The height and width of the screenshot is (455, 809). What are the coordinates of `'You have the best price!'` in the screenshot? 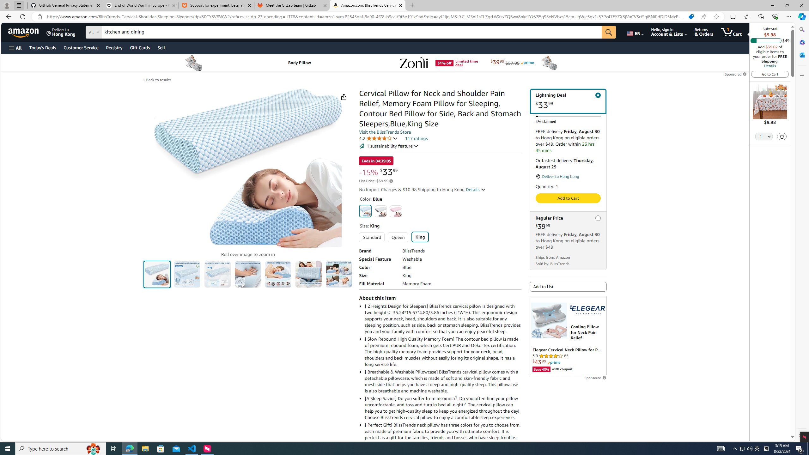 It's located at (690, 17).